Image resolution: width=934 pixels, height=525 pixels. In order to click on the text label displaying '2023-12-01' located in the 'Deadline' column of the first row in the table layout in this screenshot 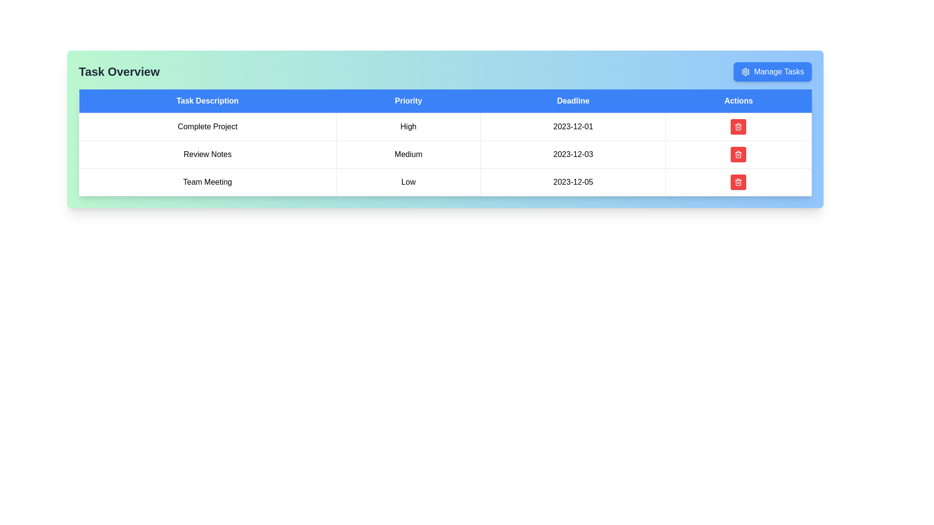, I will do `click(573, 126)`.